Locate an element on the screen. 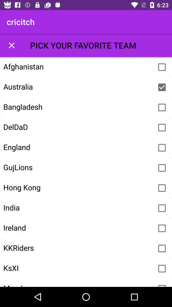 The height and width of the screenshot is (307, 172). england option is located at coordinates (162, 148).